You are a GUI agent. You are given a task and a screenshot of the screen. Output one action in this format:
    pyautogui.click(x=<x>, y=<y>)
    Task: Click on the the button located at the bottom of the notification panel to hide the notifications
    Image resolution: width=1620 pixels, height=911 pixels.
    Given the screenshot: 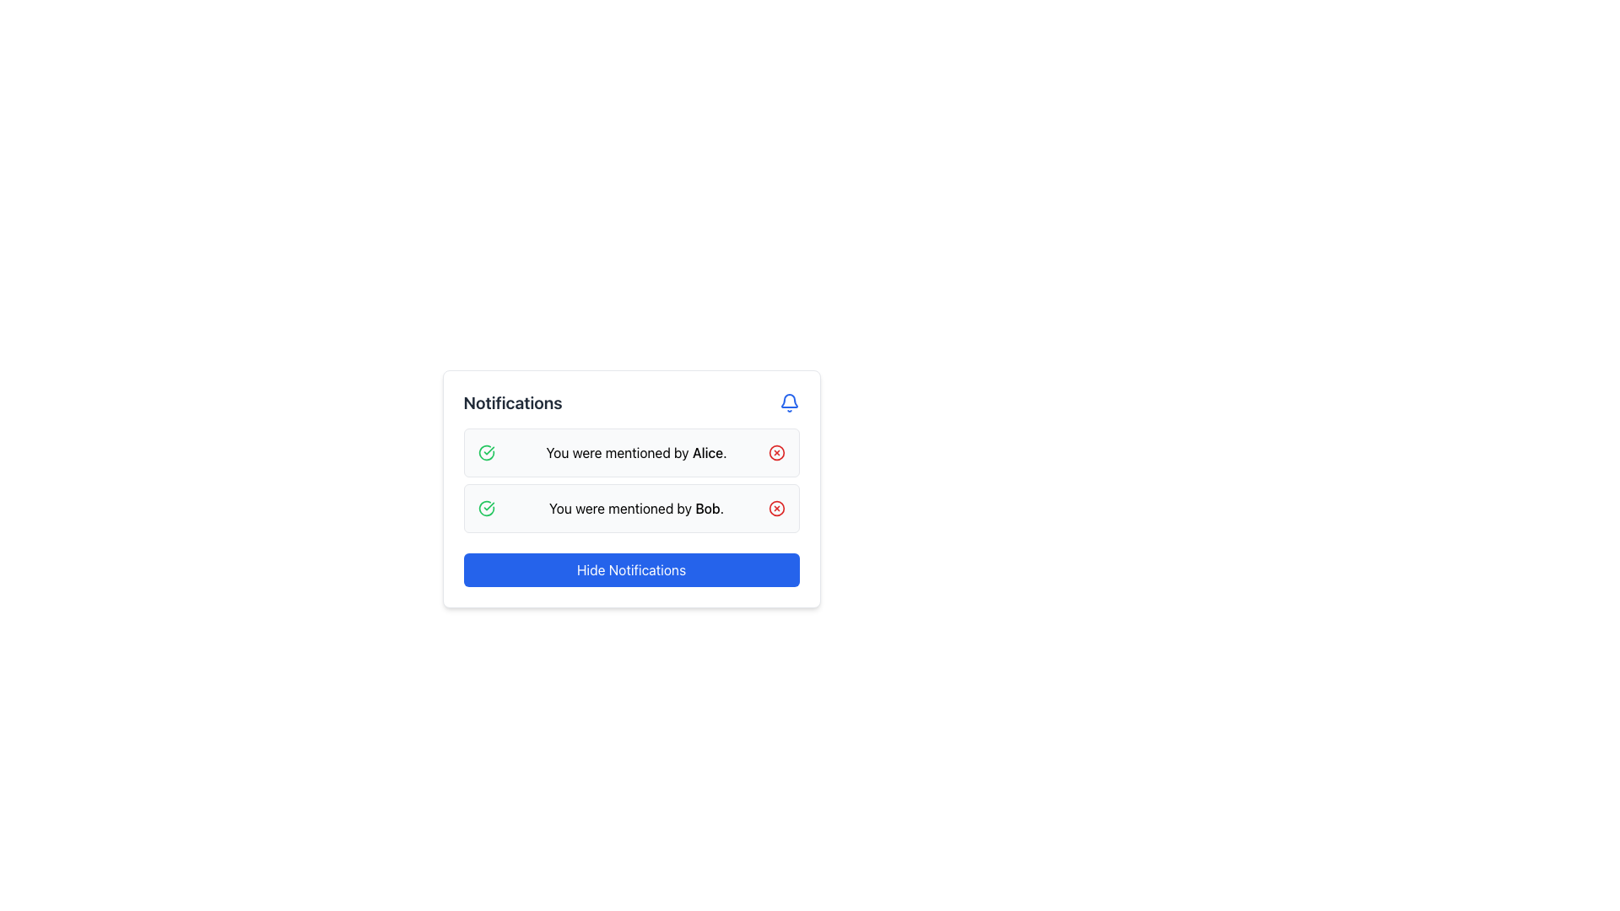 What is the action you would take?
    pyautogui.click(x=630, y=569)
    